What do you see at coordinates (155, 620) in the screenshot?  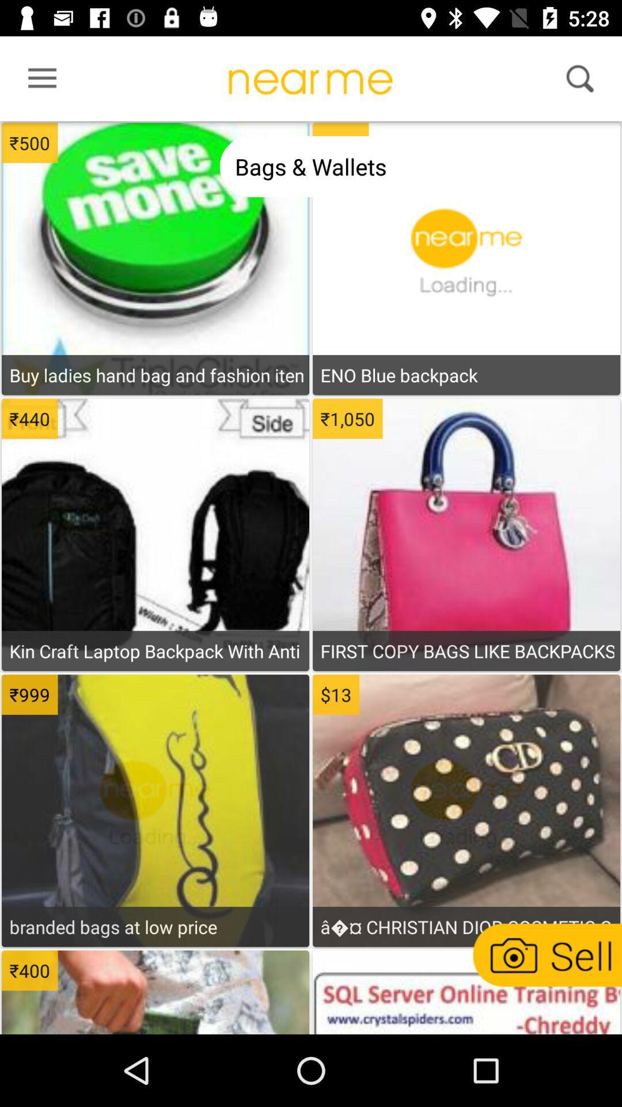 I see `see item` at bounding box center [155, 620].